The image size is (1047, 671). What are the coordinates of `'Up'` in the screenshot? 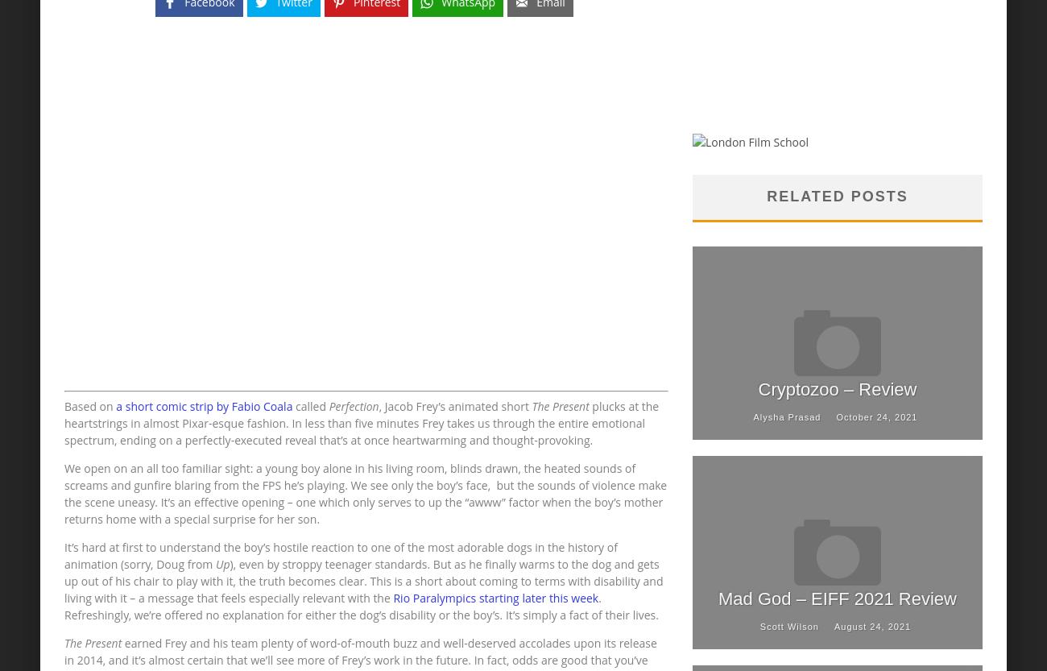 It's located at (222, 563).